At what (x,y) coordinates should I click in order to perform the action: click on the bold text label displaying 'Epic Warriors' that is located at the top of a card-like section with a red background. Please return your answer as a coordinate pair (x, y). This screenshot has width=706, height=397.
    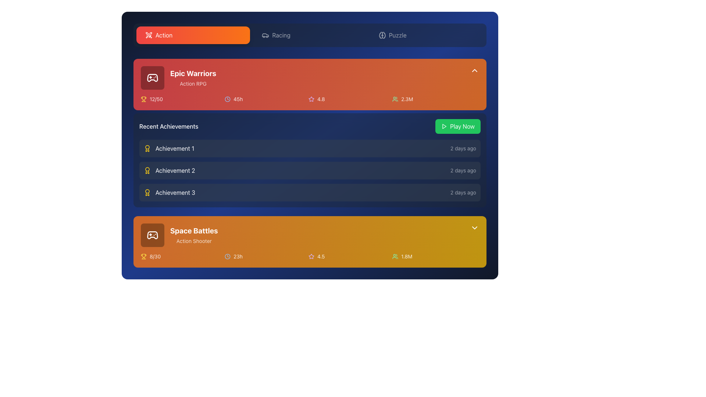
    Looking at the image, I should click on (193, 74).